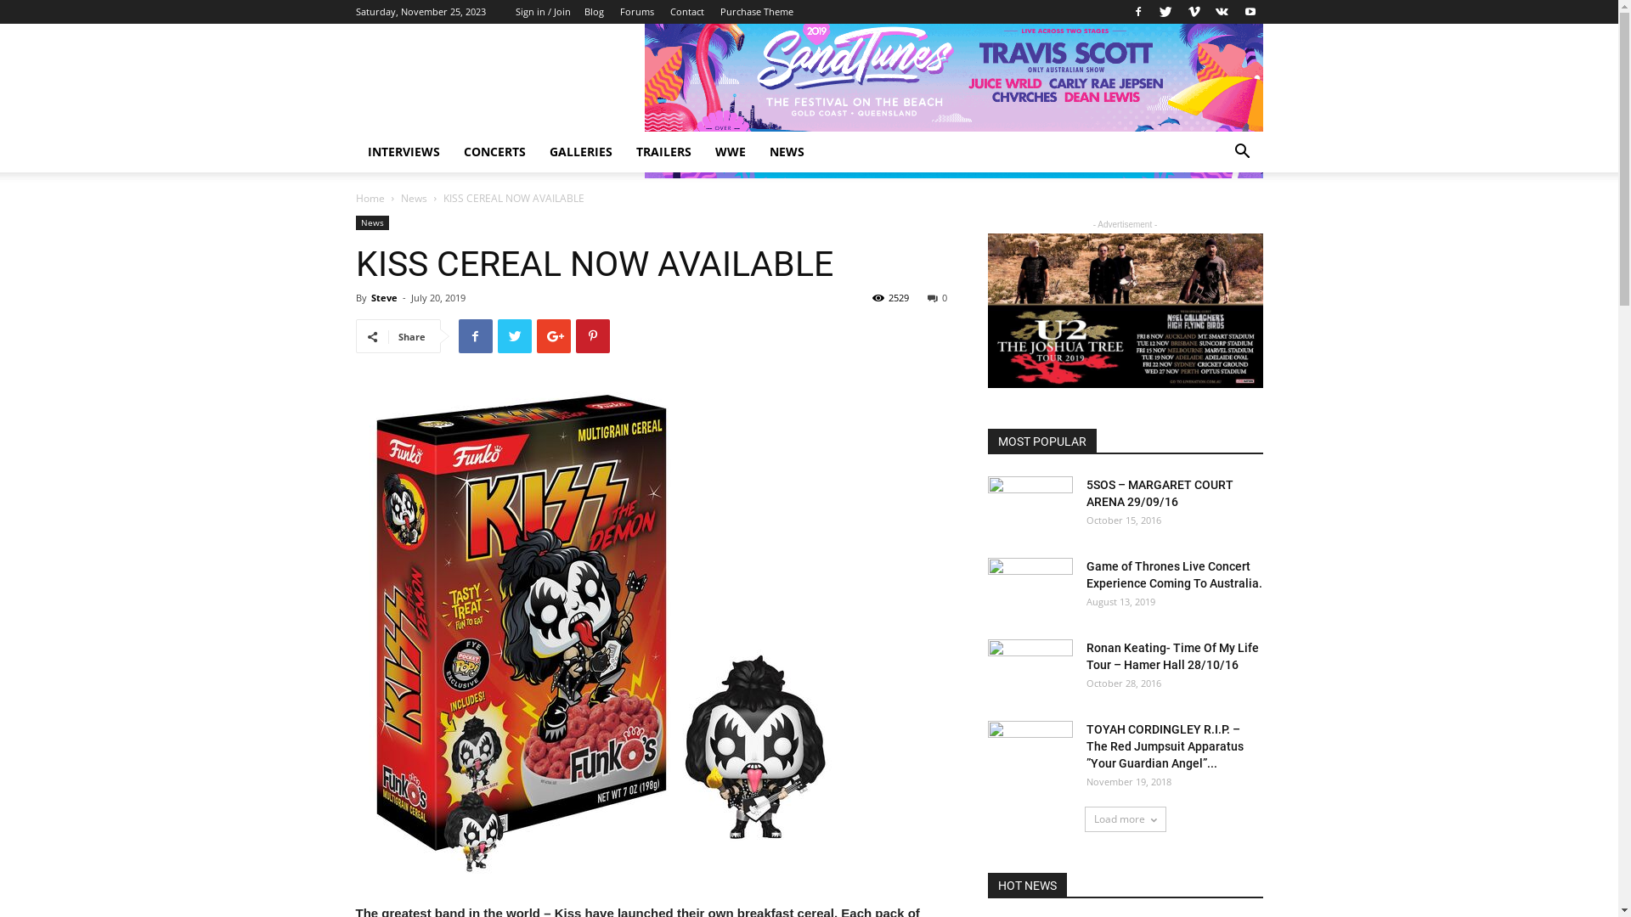  Describe the element at coordinates (452, 150) in the screenshot. I see `'CONCERTS'` at that location.